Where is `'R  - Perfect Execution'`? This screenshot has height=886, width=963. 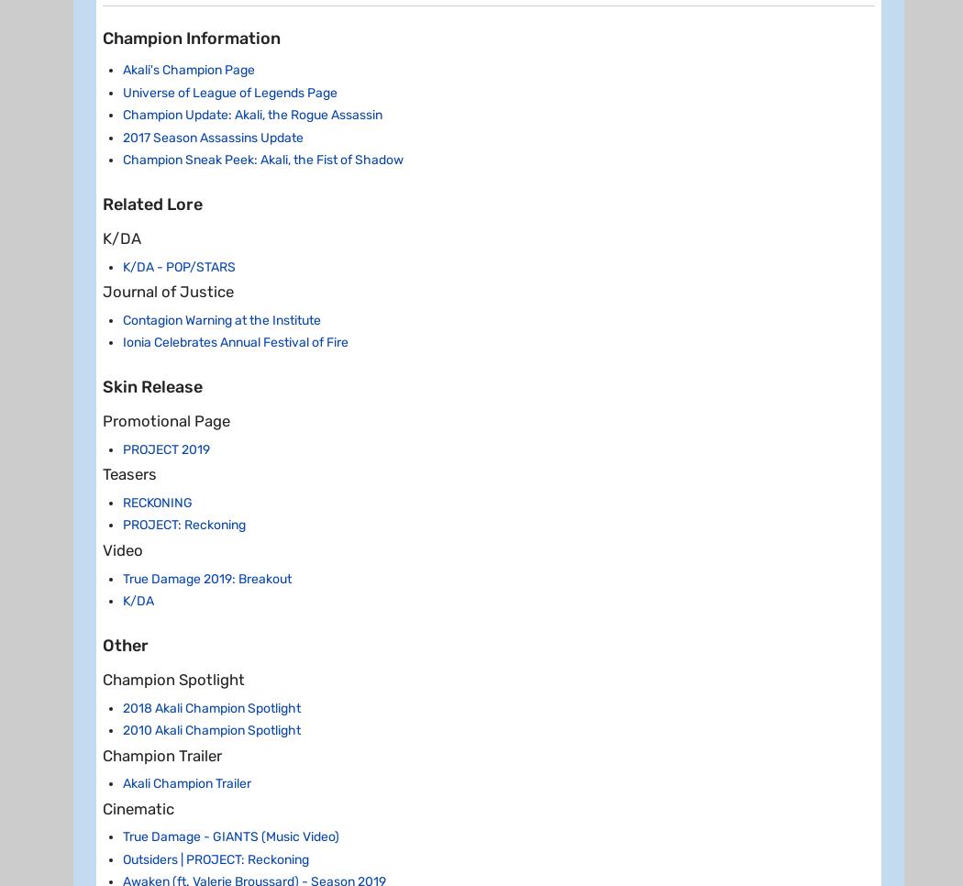
'R  - Perfect Execution' is located at coordinates (217, 105).